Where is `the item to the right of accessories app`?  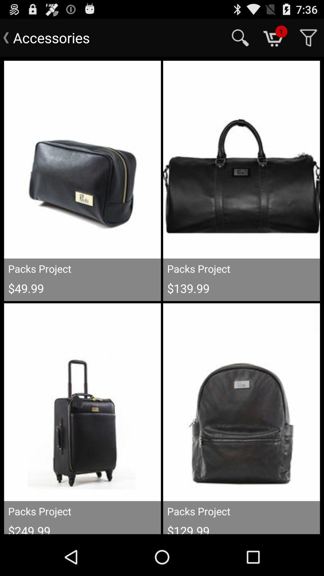 the item to the right of accessories app is located at coordinates (240, 37).